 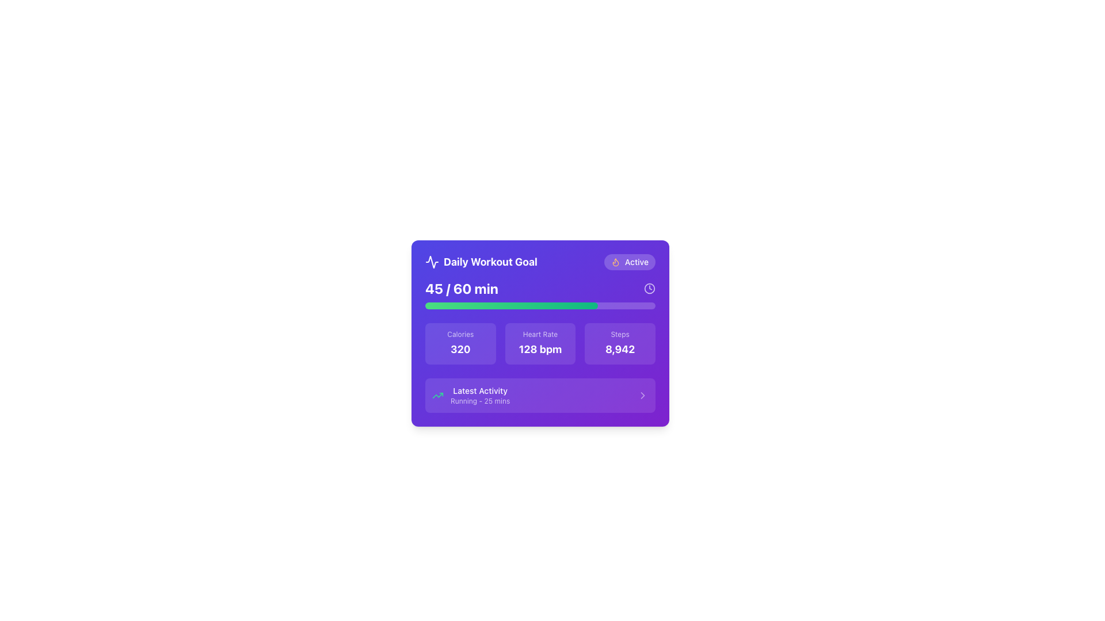 What do you see at coordinates (619, 349) in the screenshot?
I see `the Text Display element that shows the current number of steps taken in the fitness tracking card, located below the label 'Steps'` at bounding box center [619, 349].